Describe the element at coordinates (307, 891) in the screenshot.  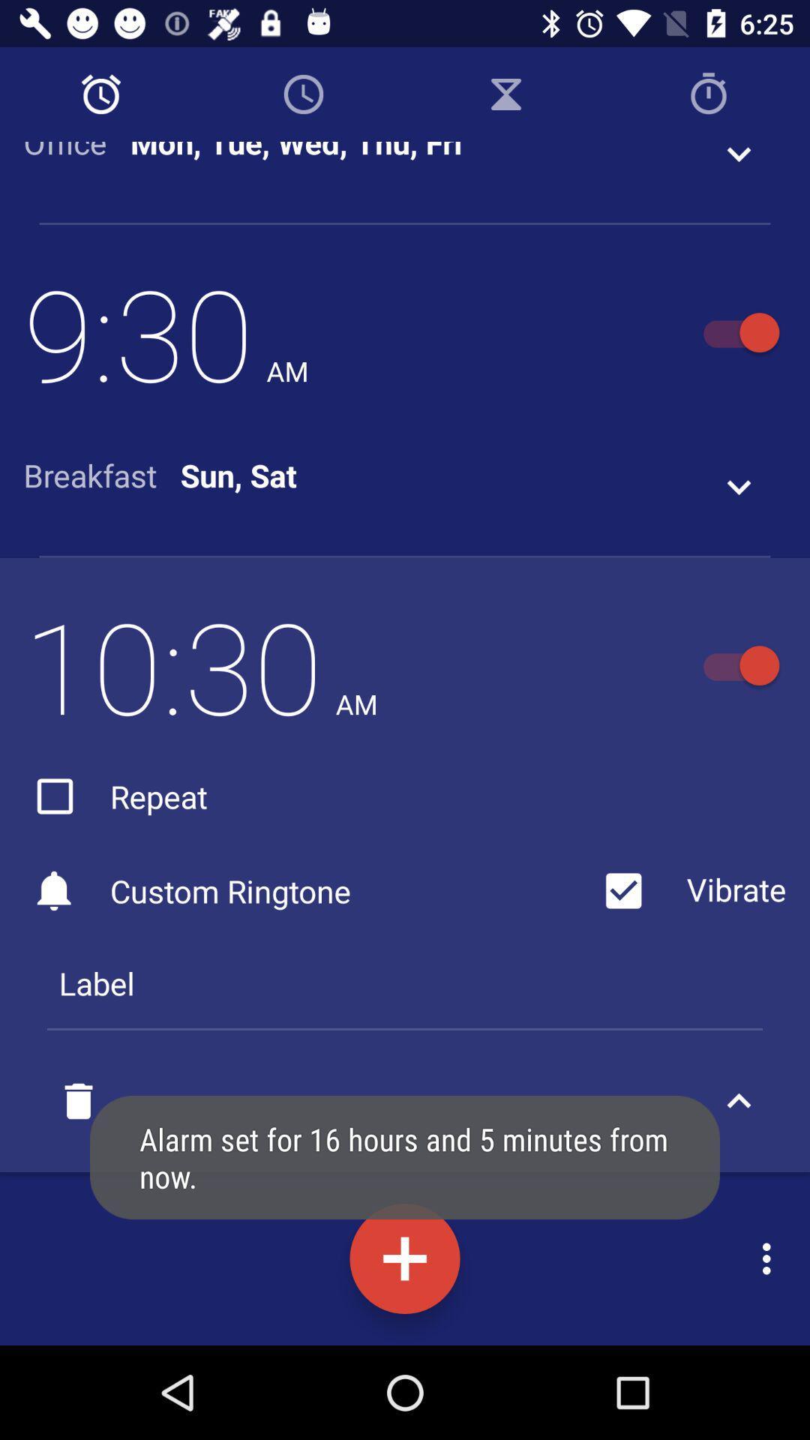
I see `the custom ringtone` at that location.